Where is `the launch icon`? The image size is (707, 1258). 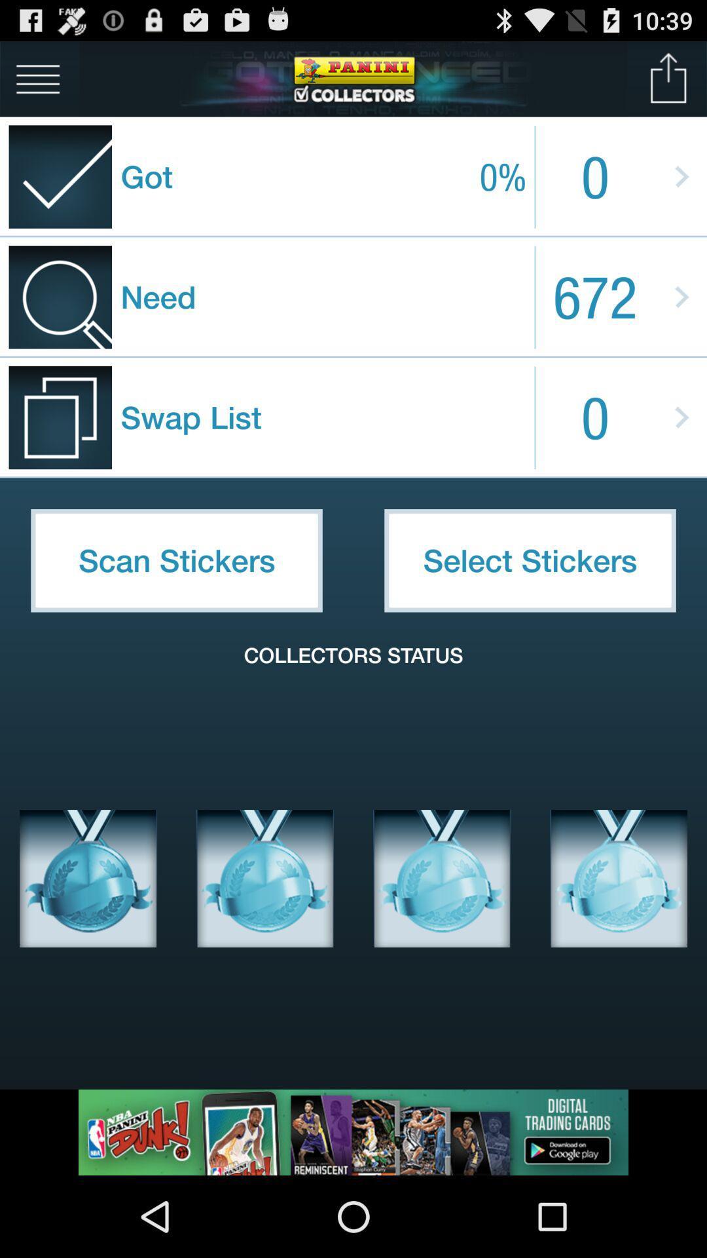
the launch icon is located at coordinates (668, 83).